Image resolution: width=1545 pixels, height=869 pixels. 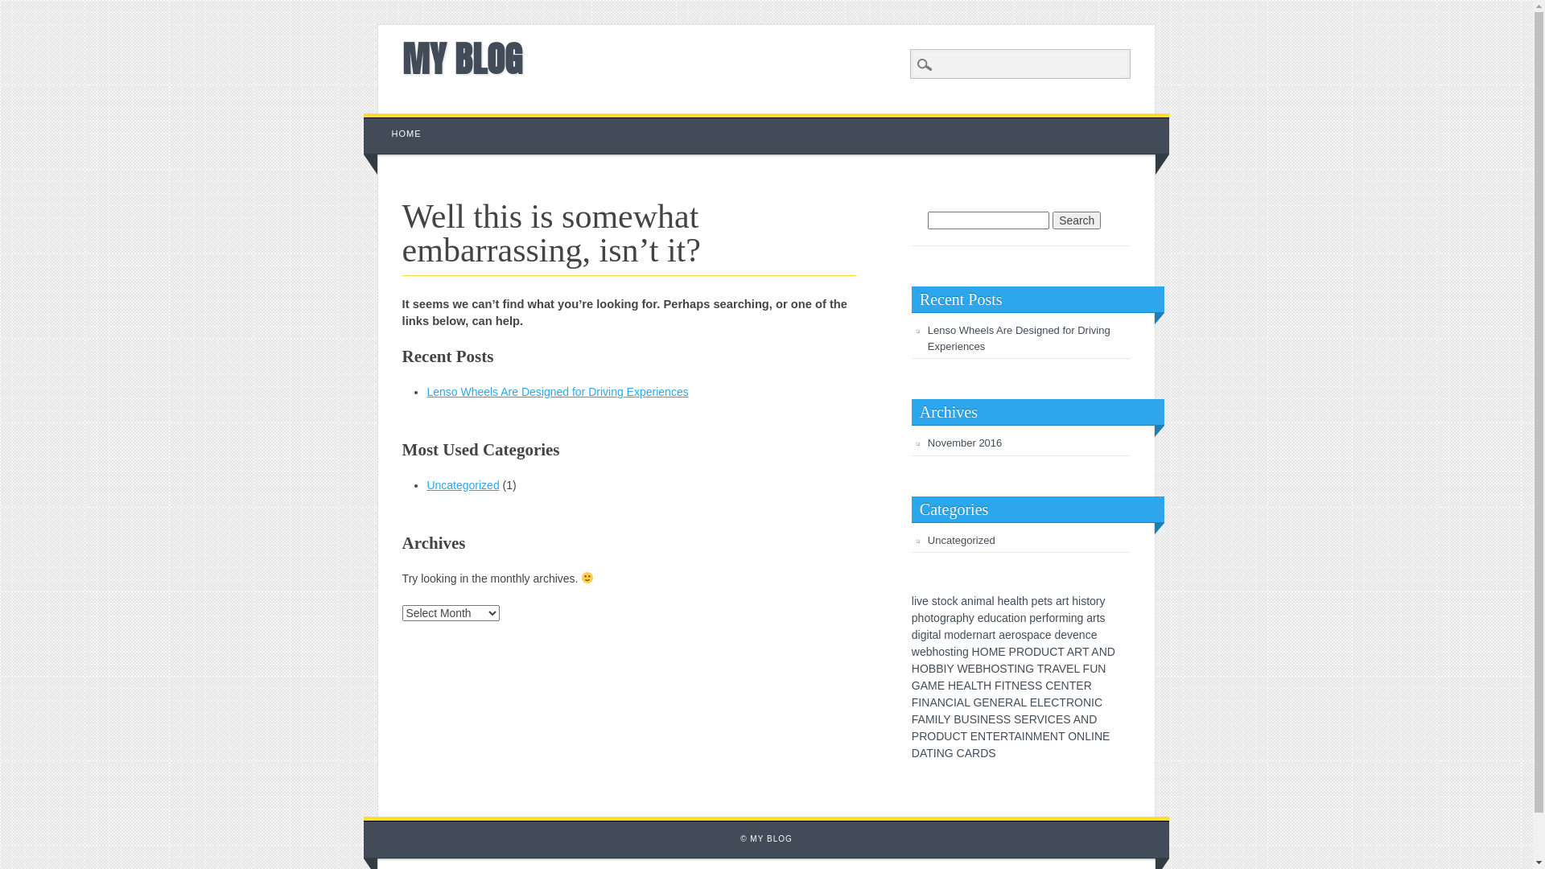 What do you see at coordinates (1051, 616) in the screenshot?
I see `'o'` at bounding box center [1051, 616].